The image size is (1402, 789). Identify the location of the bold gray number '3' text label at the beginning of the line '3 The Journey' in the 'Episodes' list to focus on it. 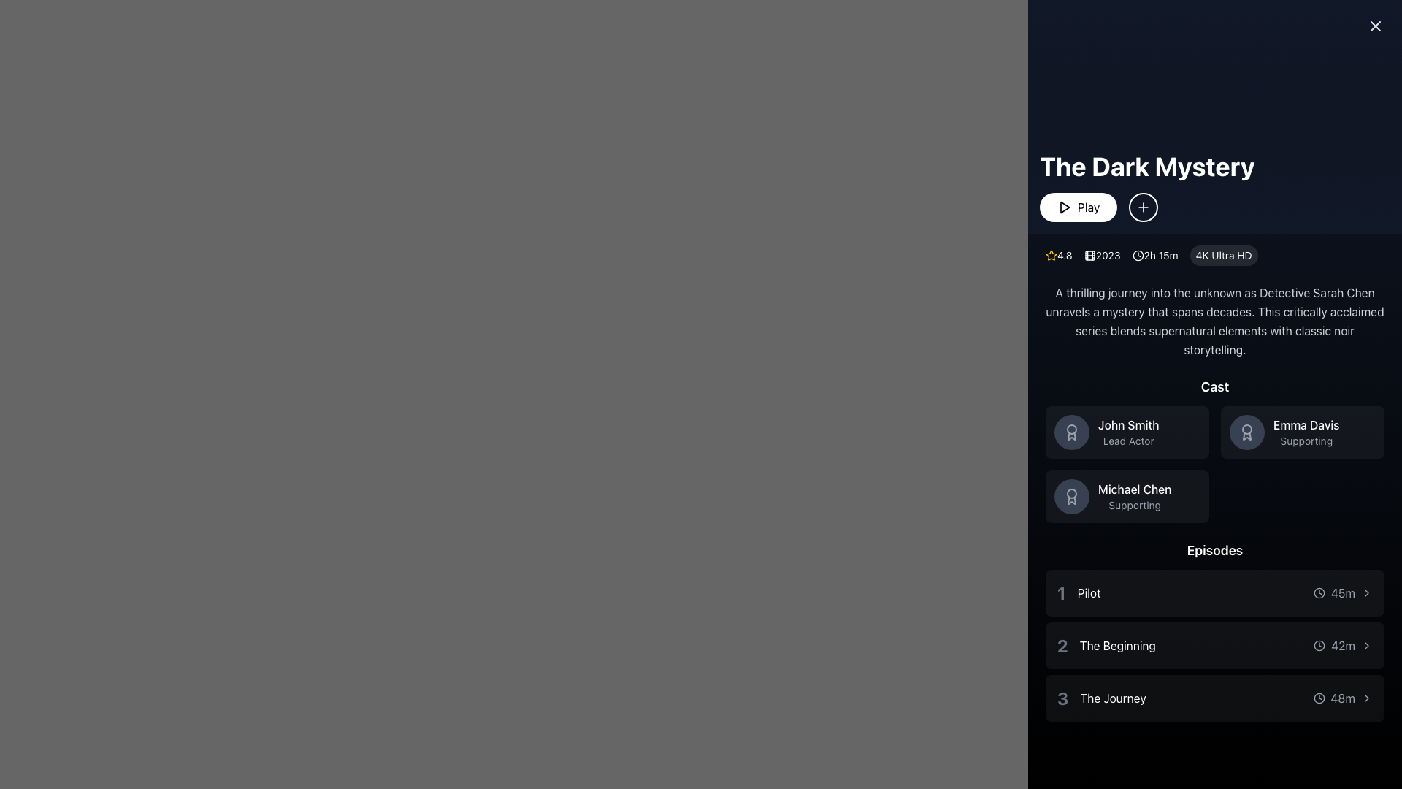
(1062, 698).